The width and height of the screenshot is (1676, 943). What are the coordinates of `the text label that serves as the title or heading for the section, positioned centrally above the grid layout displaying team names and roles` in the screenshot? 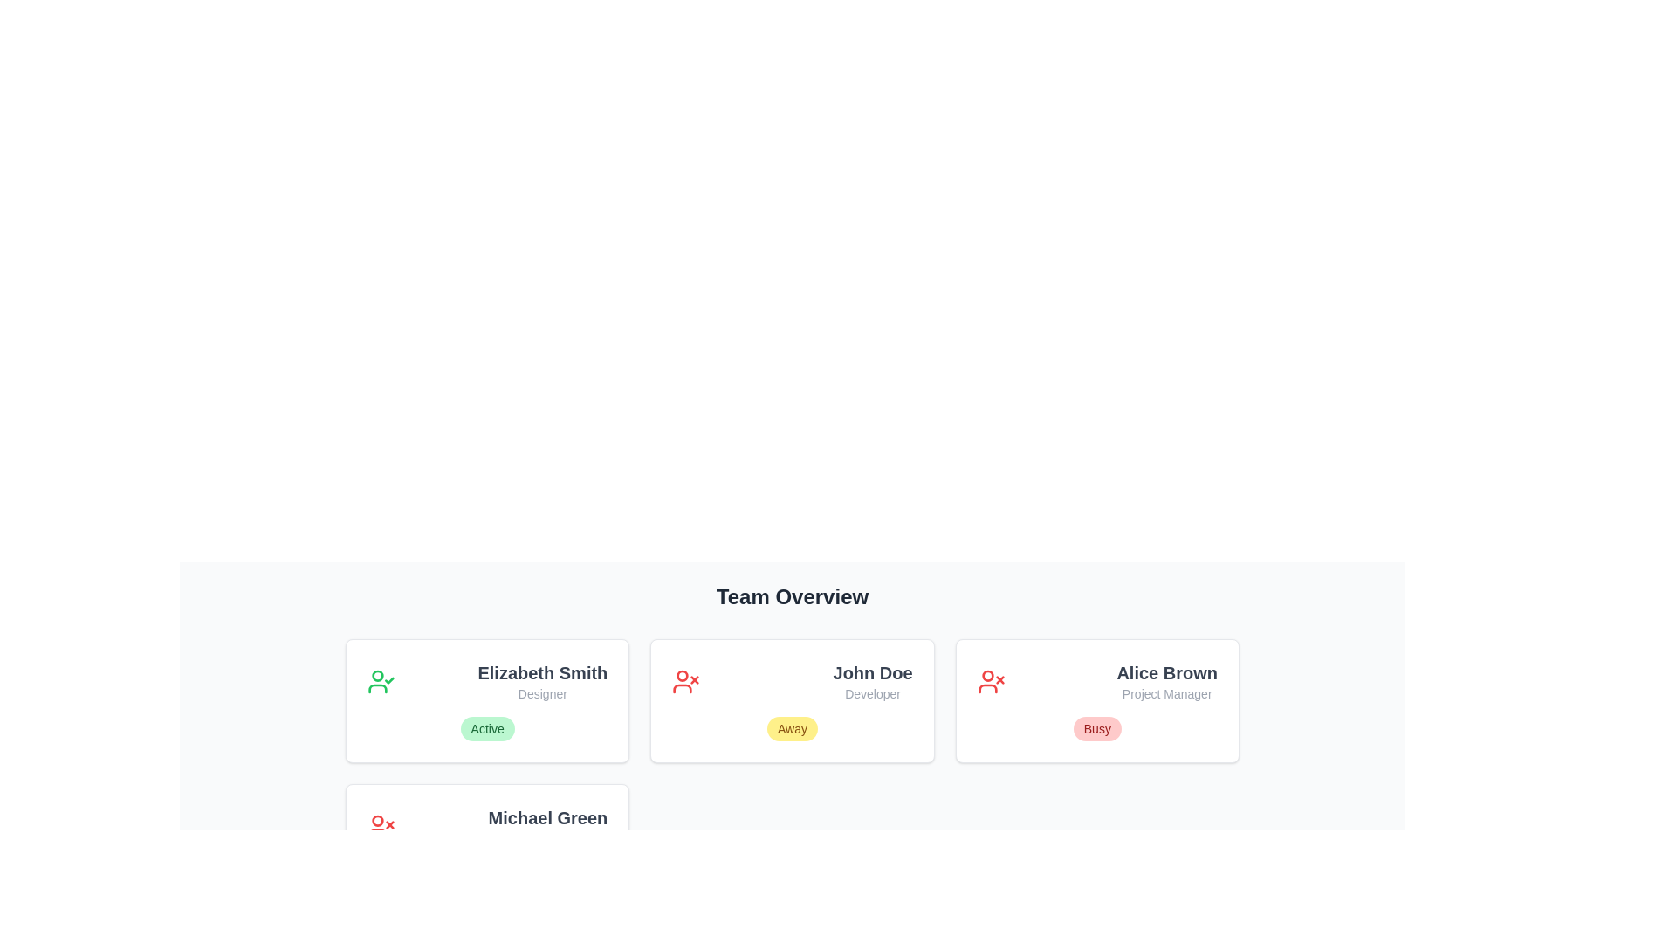 It's located at (791, 595).